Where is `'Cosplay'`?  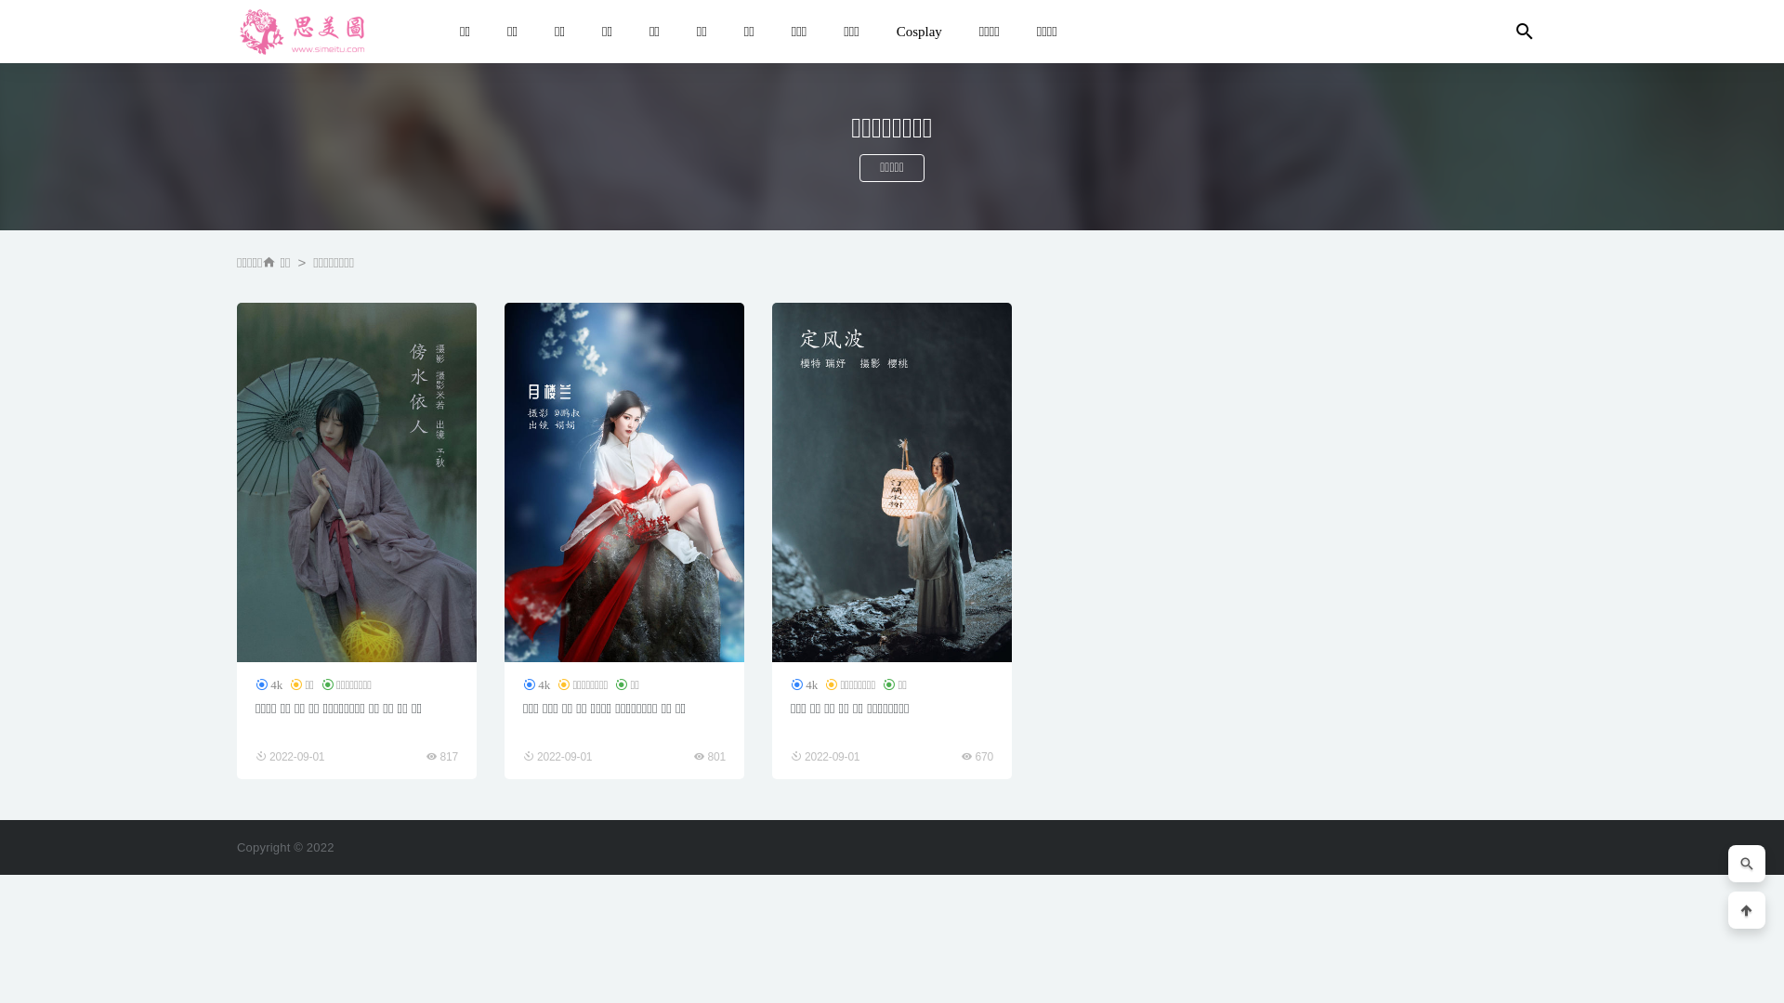
'Cosplay' is located at coordinates (877, 32).